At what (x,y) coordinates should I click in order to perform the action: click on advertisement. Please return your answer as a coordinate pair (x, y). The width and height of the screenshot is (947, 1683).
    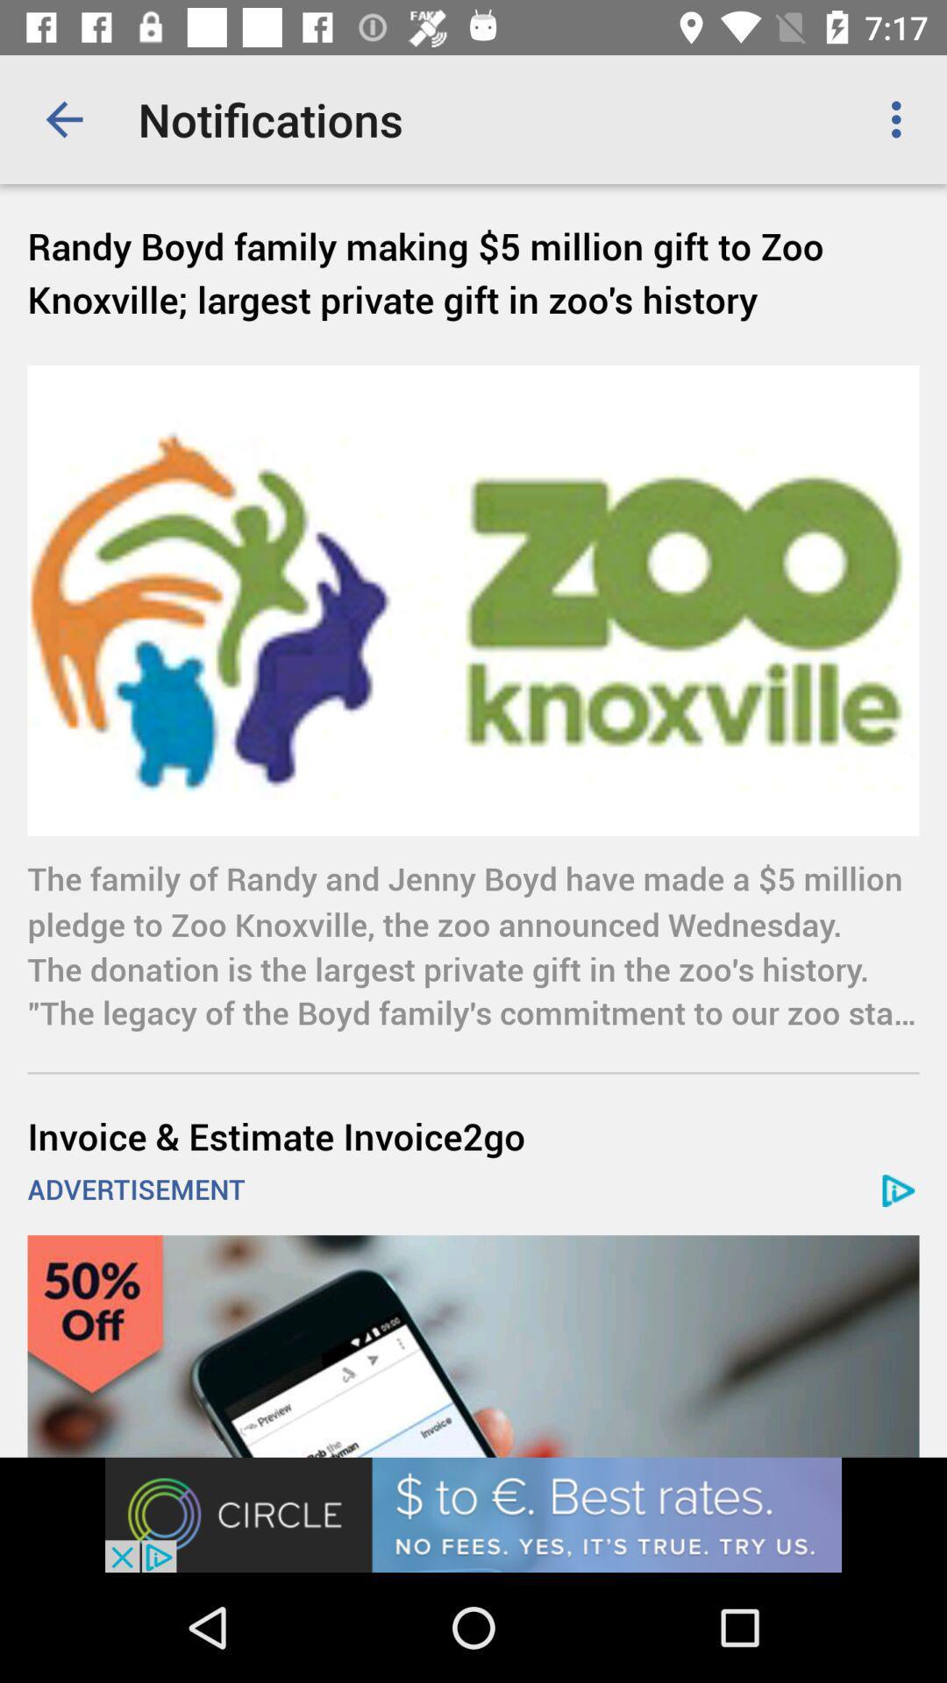
    Looking at the image, I should click on (473, 1514).